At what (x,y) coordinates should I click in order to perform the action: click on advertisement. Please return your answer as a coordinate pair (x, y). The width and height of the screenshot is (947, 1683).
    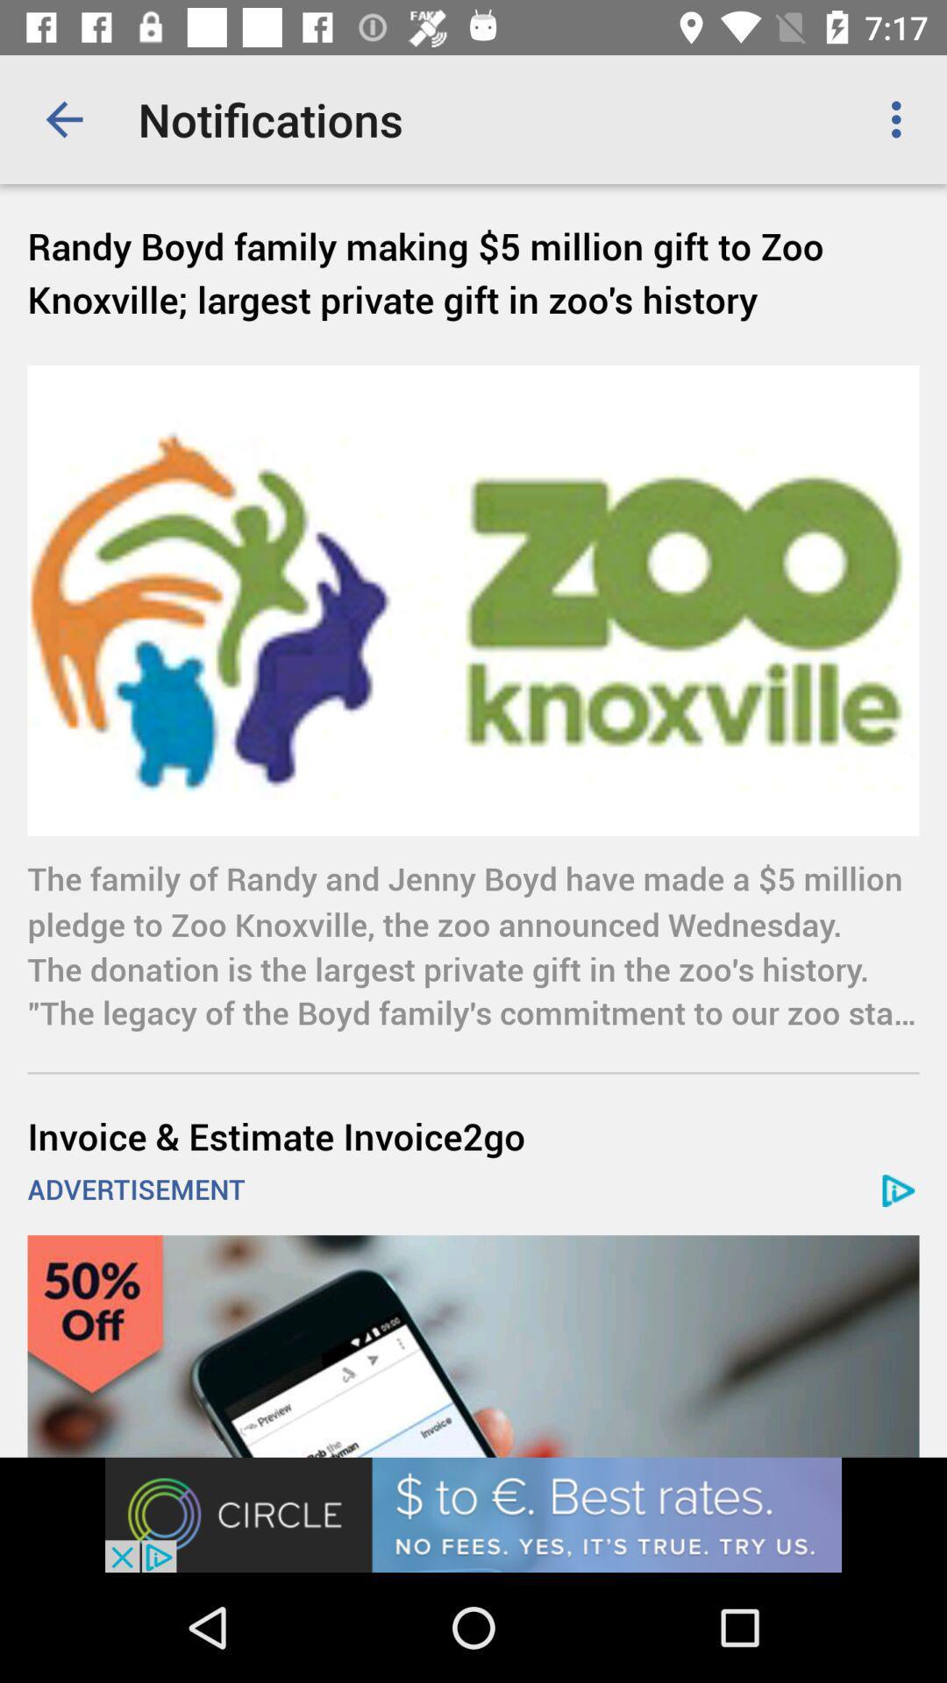
    Looking at the image, I should click on (473, 1514).